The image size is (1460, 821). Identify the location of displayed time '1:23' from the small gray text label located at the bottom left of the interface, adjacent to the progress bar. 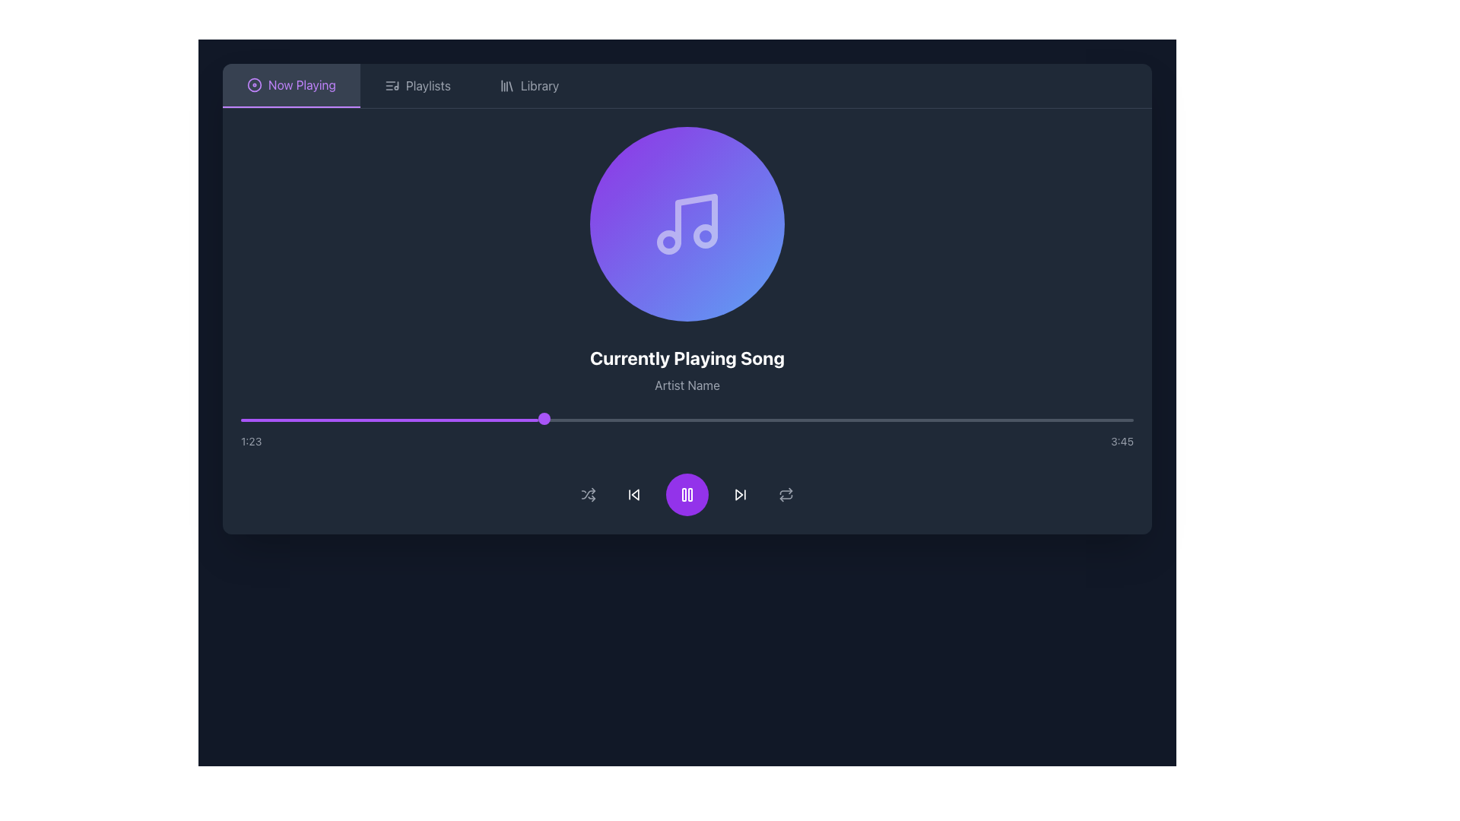
(251, 442).